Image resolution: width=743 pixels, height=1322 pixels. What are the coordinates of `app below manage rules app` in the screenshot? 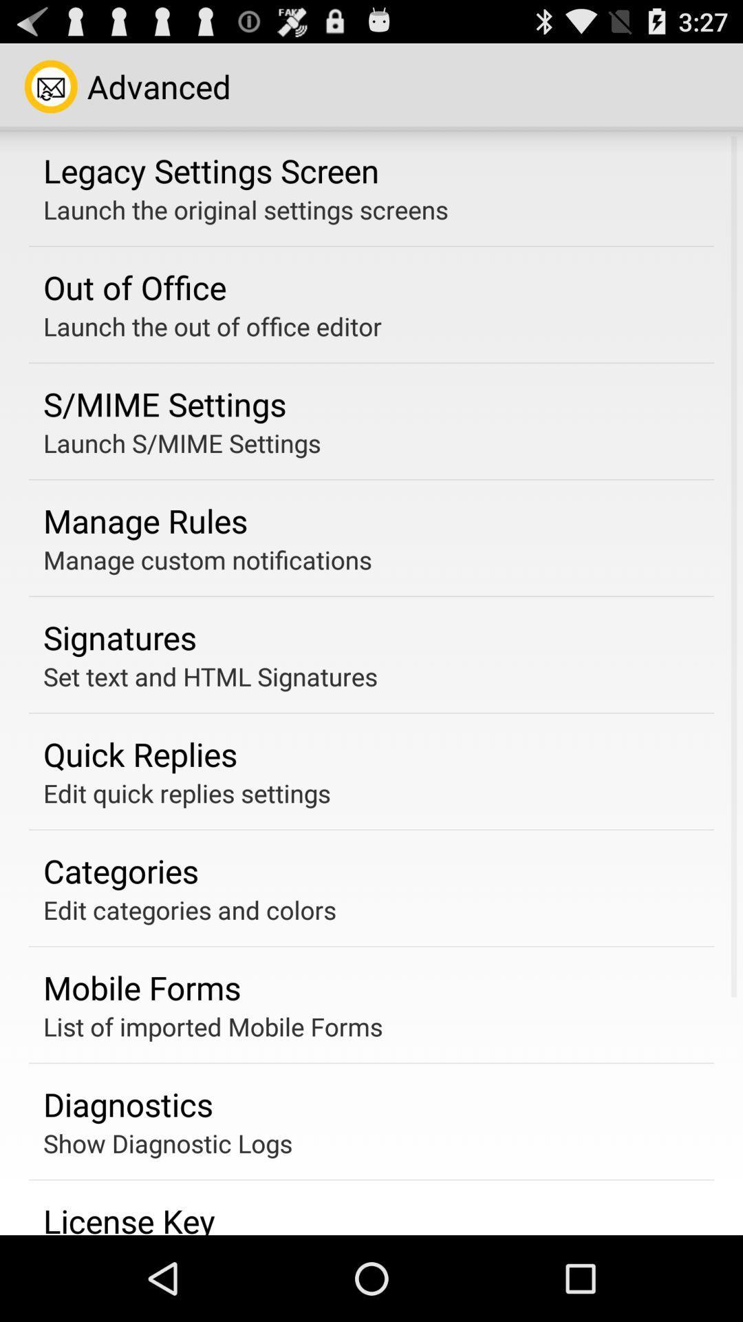 It's located at (207, 559).